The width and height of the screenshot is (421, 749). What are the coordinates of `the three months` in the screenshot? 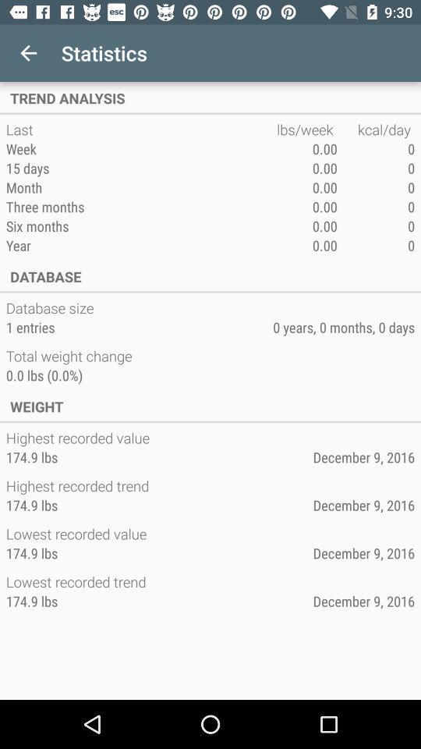 It's located at (141, 206).